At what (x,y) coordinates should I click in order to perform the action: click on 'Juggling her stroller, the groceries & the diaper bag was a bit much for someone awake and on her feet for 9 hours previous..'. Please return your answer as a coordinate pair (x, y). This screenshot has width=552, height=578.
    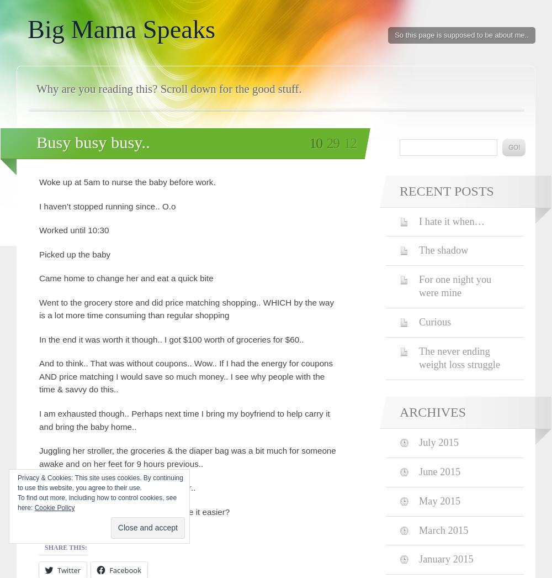
    Looking at the image, I should click on (187, 456).